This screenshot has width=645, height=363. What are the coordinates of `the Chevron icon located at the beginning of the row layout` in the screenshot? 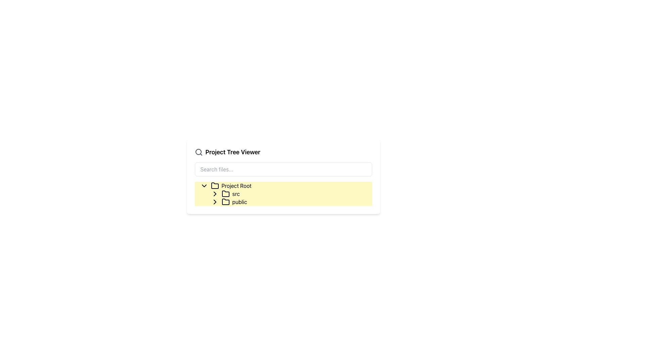 It's located at (214, 202).